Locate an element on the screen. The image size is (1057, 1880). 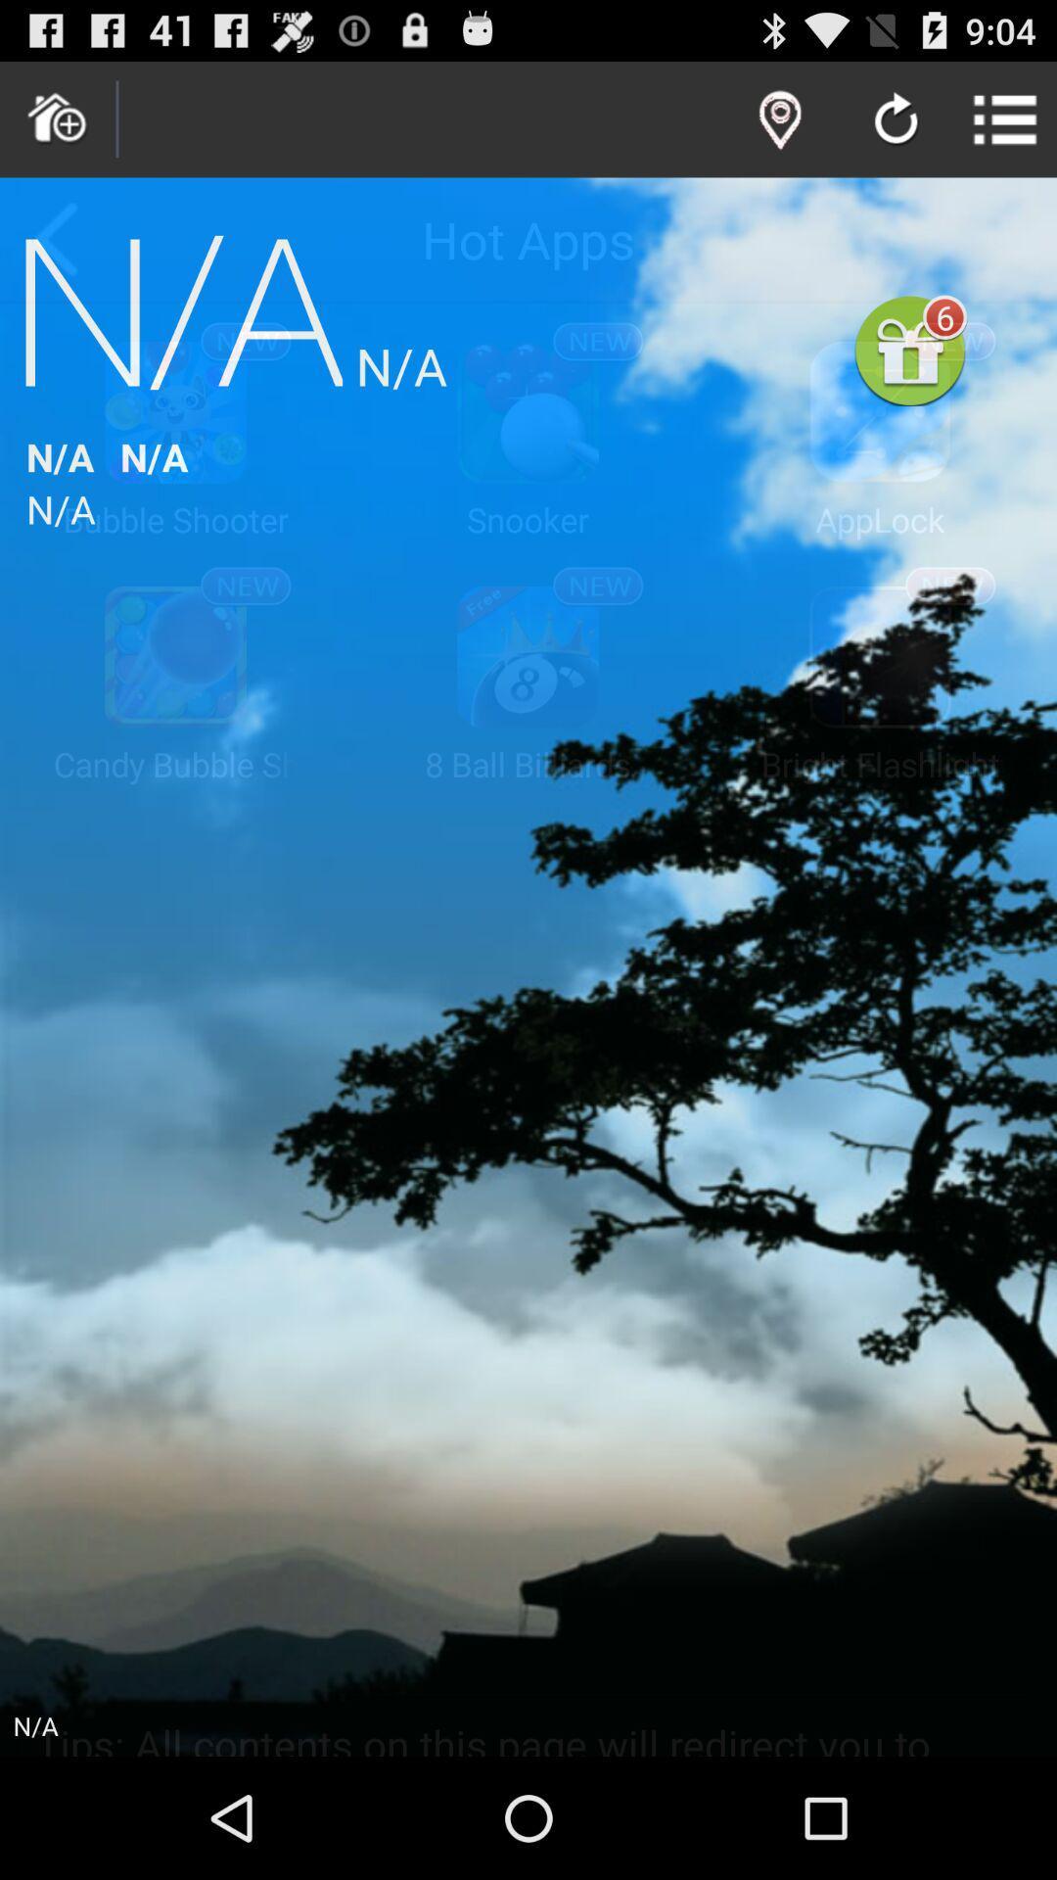
return to the hime screen is located at coordinates (57, 118).